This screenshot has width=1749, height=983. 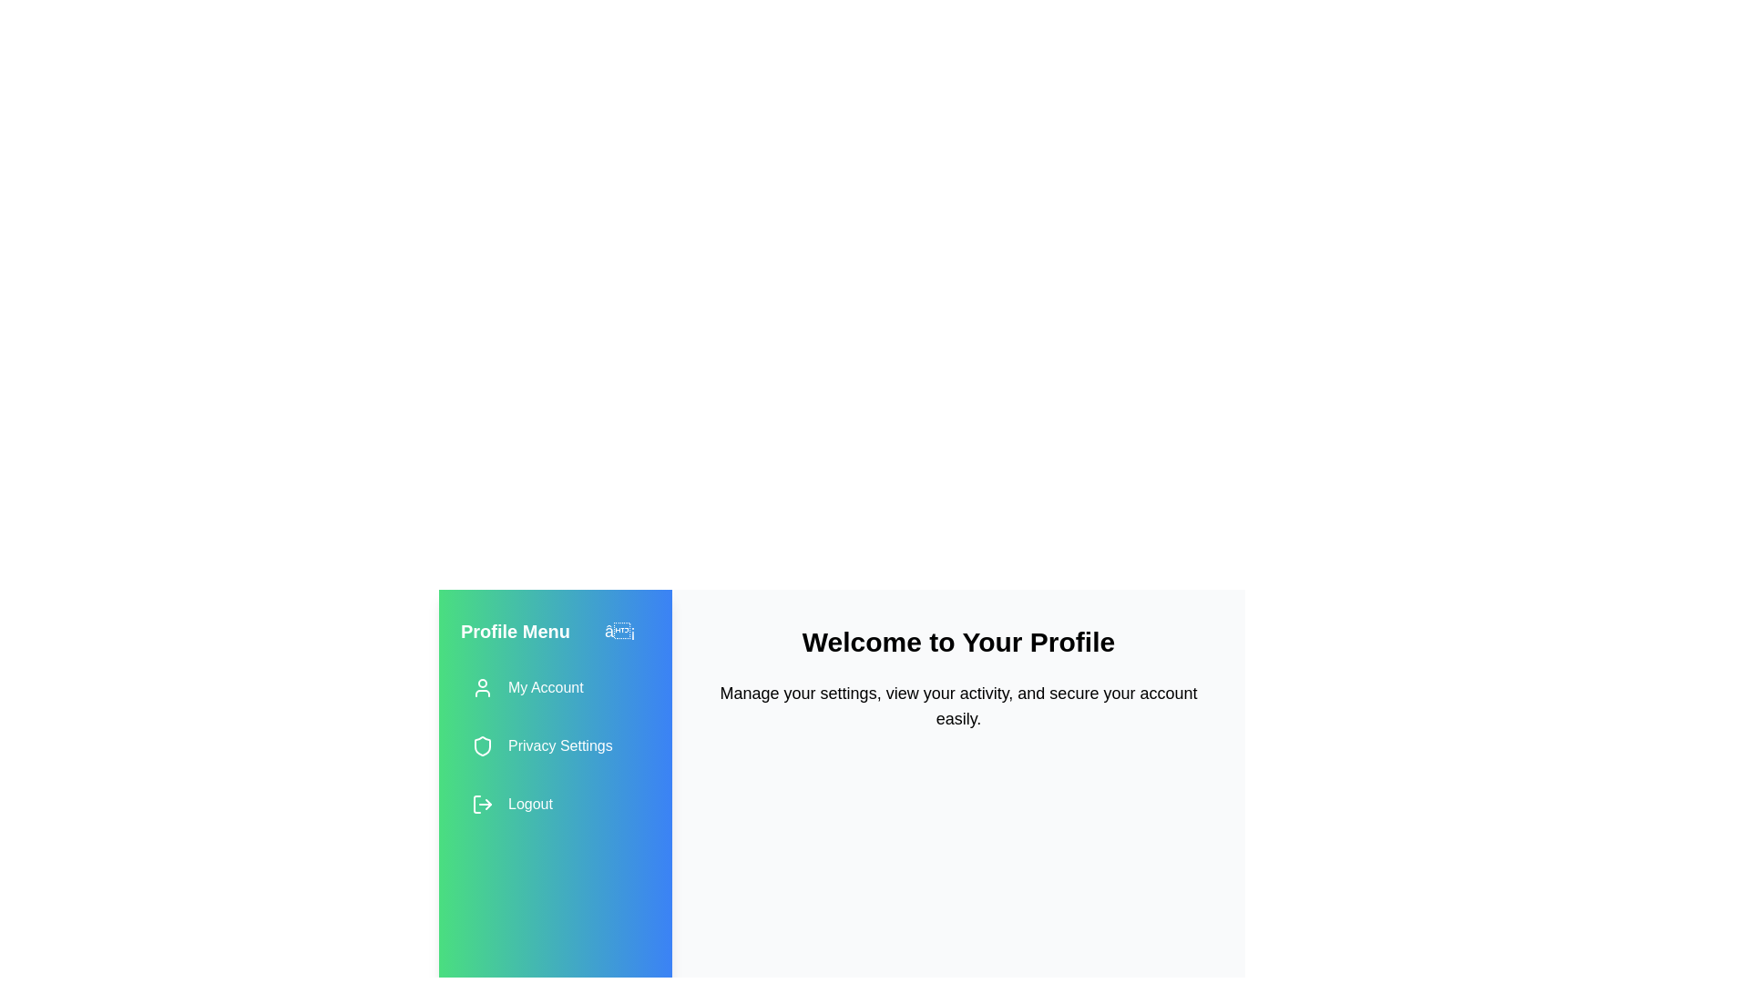 I want to click on the 'Logout' menu item to log out of the current session, so click(x=554, y=803).